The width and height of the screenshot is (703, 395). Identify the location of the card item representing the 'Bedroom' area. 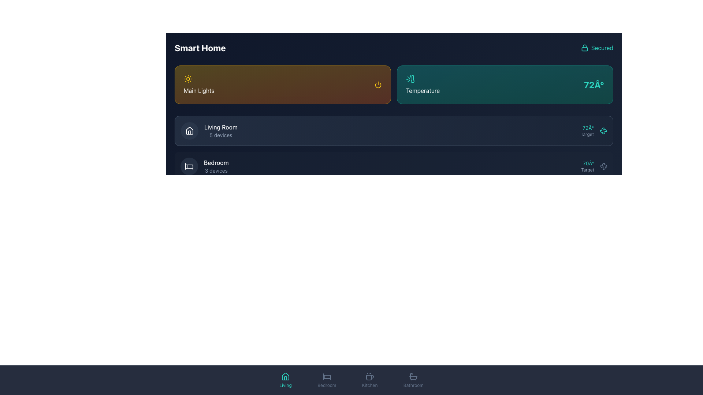
(393, 166).